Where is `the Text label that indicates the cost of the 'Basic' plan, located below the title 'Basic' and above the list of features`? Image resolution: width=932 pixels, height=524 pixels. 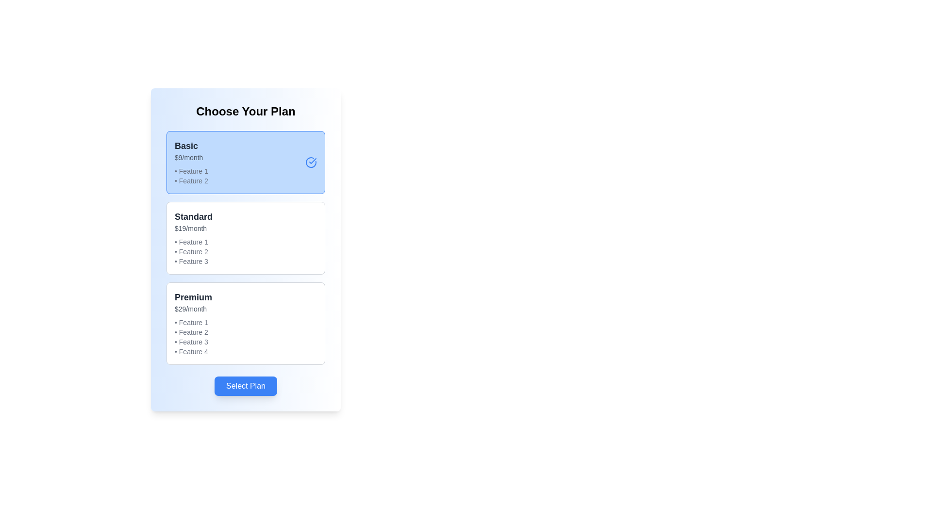 the Text label that indicates the cost of the 'Basic' plan, located below the title 'Basic' and above the list of features is located at coordinates (191, 157).